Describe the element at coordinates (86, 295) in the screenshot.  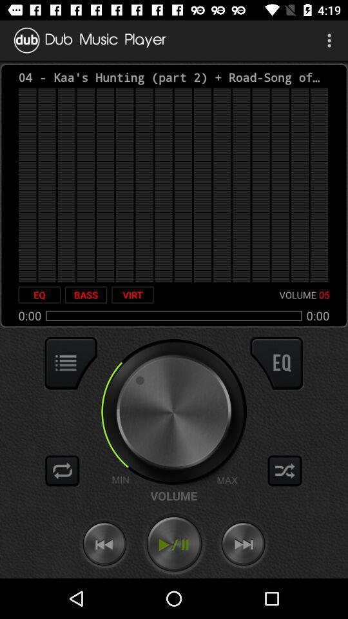
I see `bass` at that location.